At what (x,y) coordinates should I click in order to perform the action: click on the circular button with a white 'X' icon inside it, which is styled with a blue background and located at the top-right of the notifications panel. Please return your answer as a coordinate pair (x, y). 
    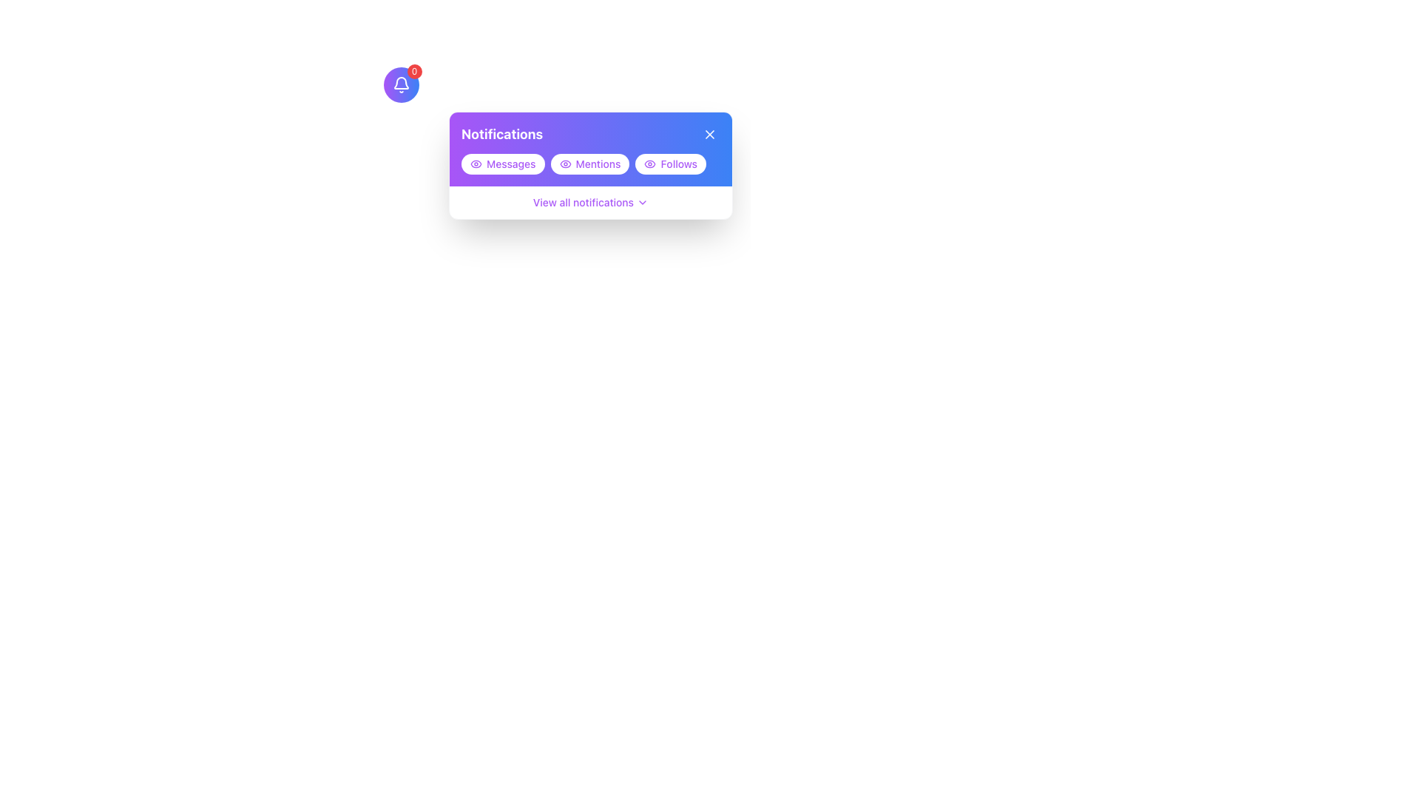
    Looking at the image, I should click on (710, 134).